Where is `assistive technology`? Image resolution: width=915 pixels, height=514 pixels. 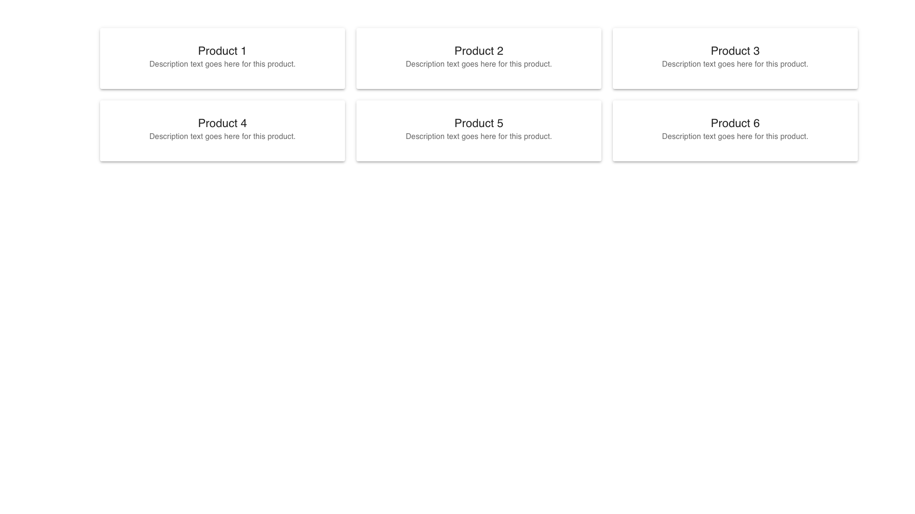
assistive technology is located at coordinates (478, 51).